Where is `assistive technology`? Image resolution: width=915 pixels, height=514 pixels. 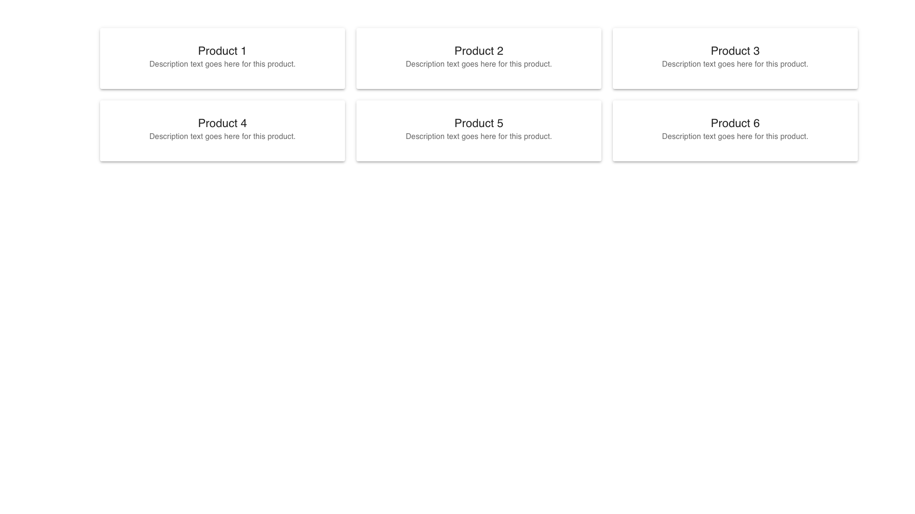
assistive technology is located at coordinates (478, 51).